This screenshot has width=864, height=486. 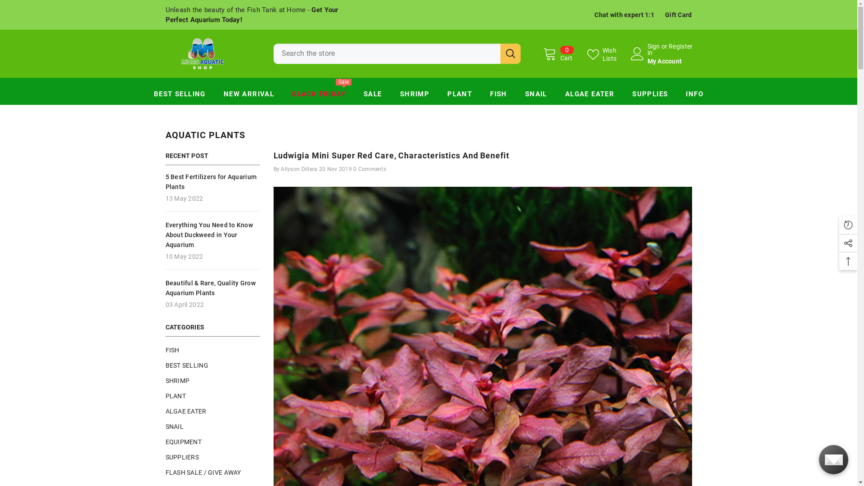 I want to click on 'SALE', so click(x=373, y=96).